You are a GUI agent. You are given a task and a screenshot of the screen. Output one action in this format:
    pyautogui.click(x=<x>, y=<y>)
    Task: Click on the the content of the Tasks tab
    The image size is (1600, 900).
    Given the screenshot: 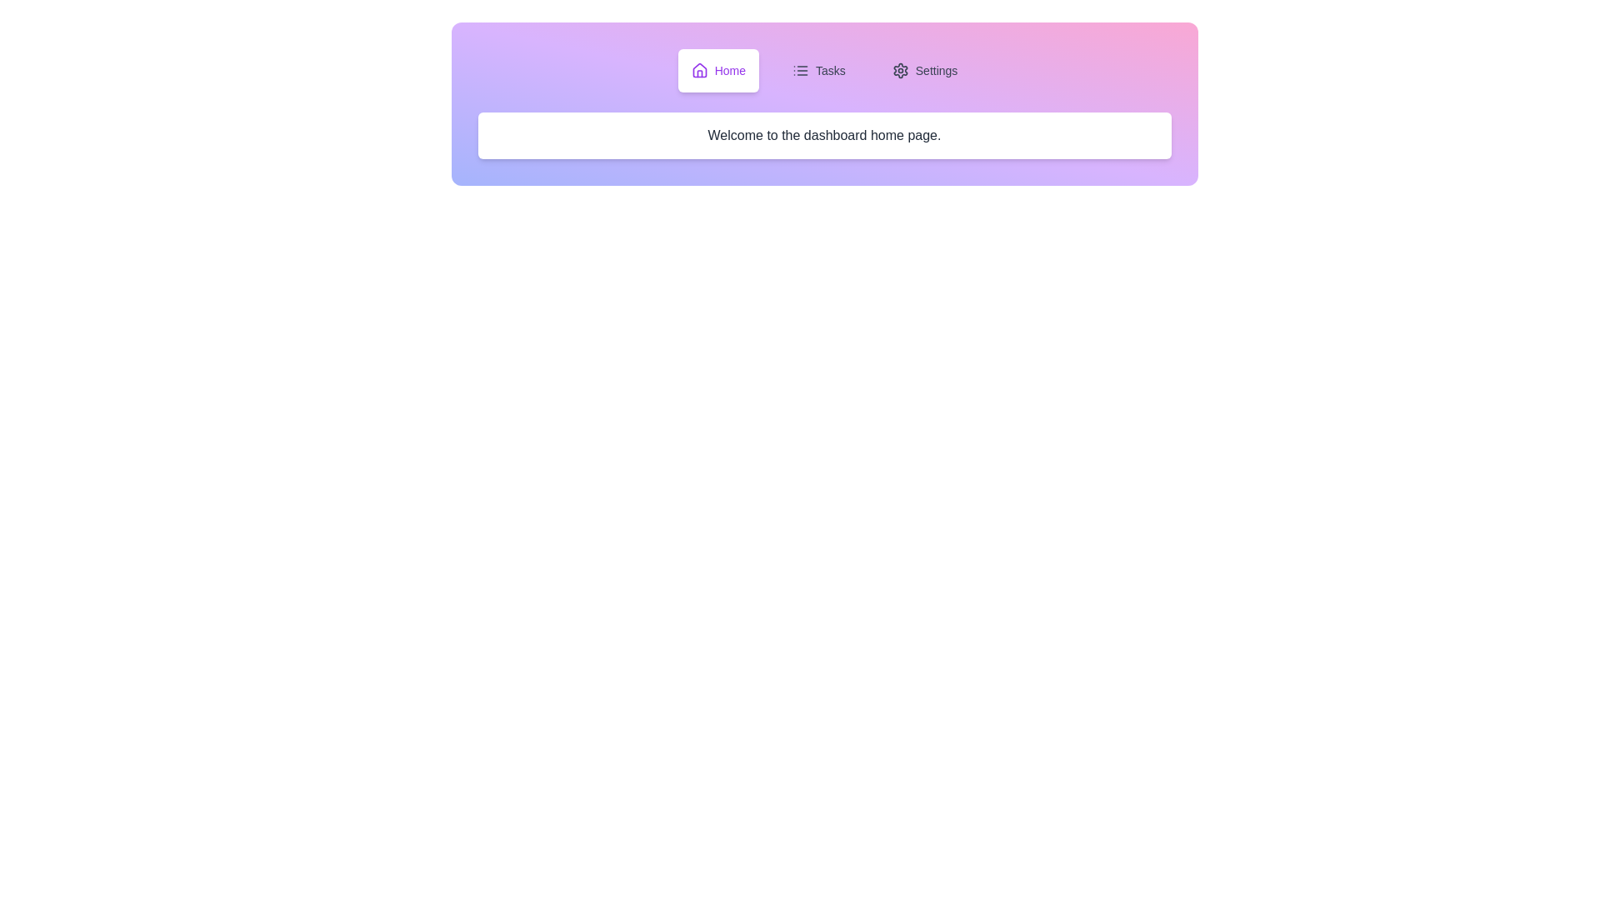 What is the action you would take?
    pyautogui.click(x=818, y=69)
    